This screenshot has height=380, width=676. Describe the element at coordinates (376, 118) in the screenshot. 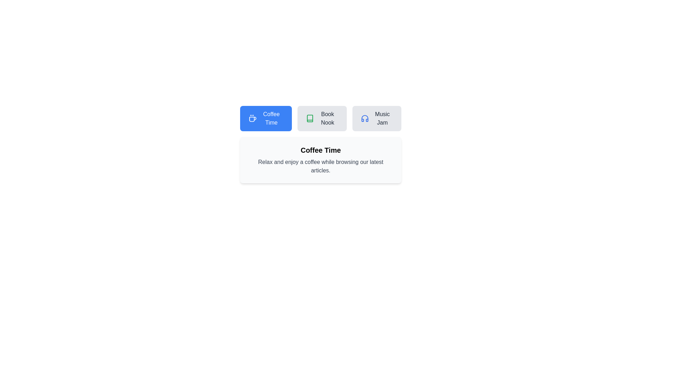

I see `the tab corresponding to Music Jam` at that location.